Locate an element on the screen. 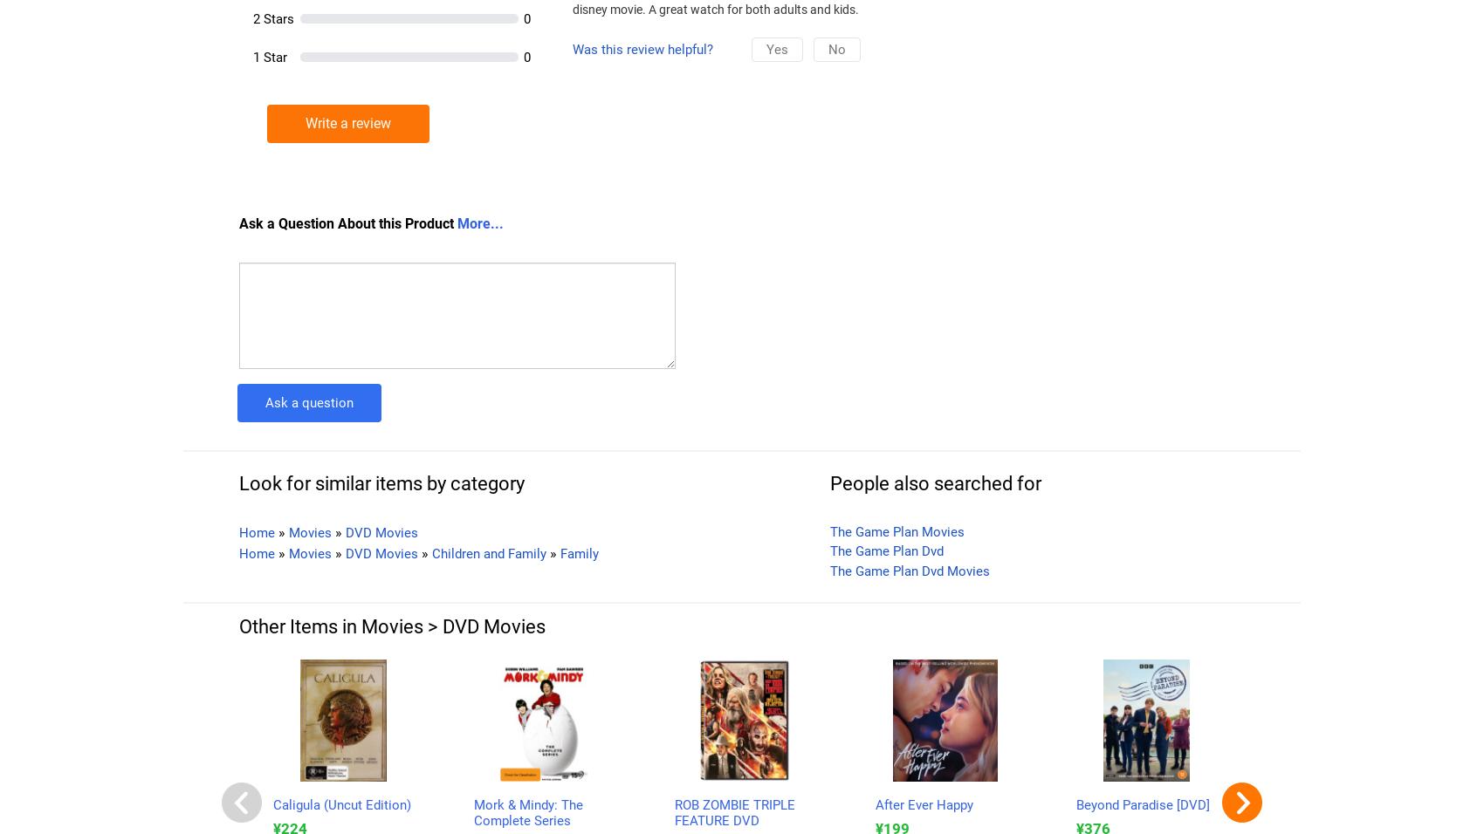 This screenshot has height=834, width=1484. 'No' is located at coordinates (835, 48).